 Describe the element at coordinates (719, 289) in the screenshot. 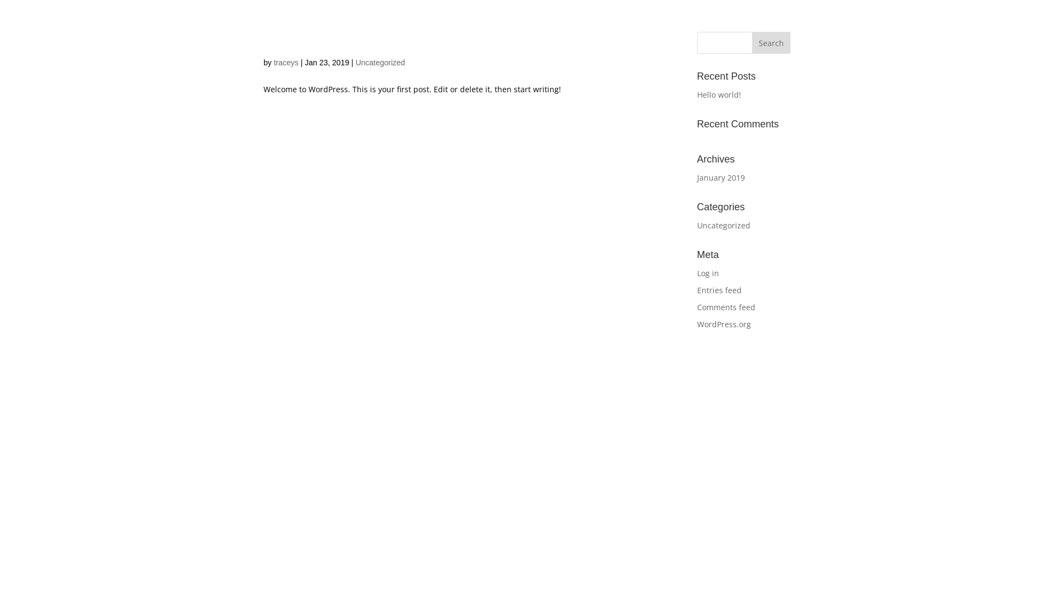

I see `'Entries feed'` at that location.